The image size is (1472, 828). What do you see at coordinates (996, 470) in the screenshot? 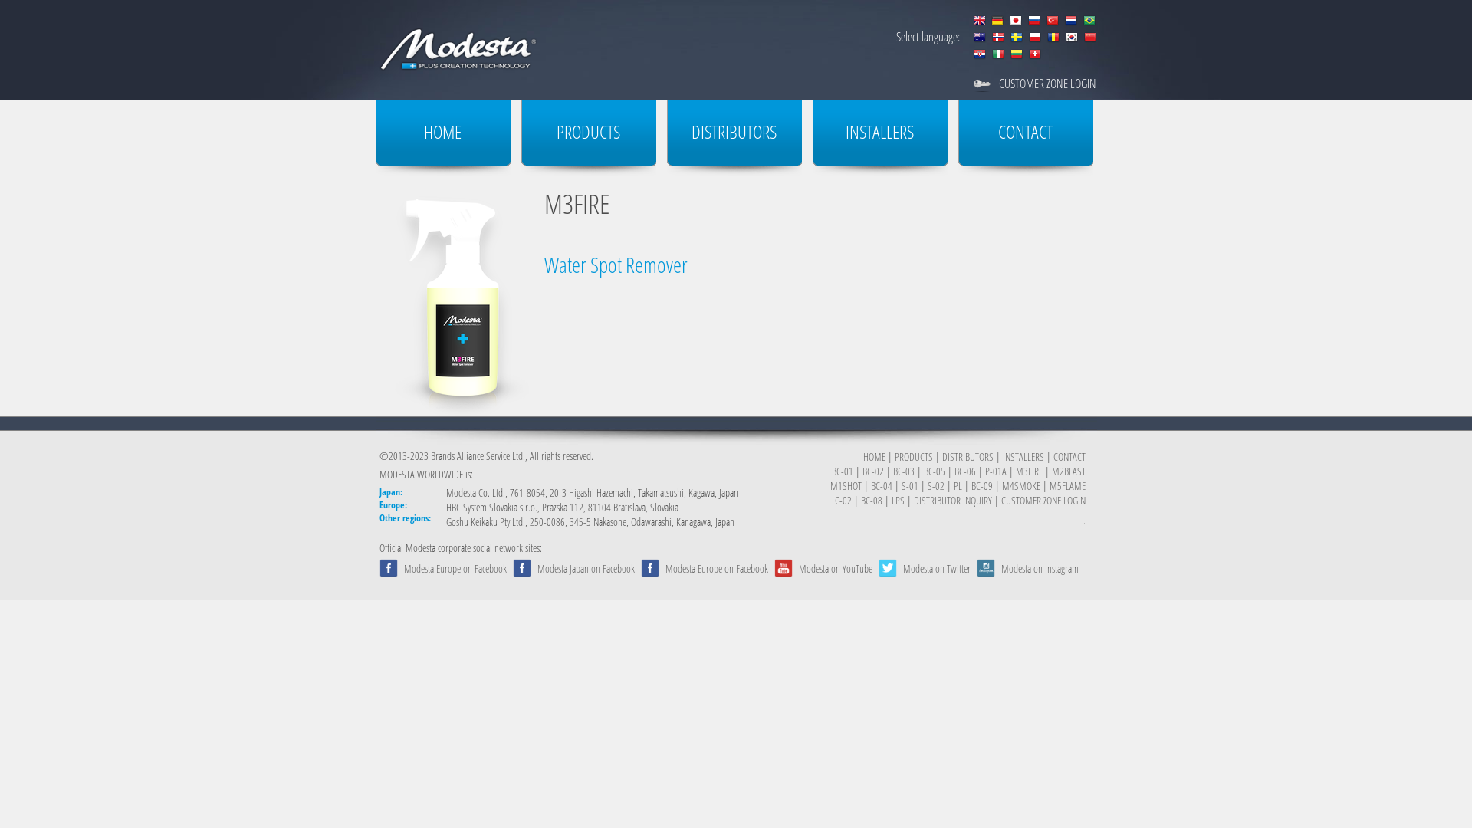
I see `'P-01A'` at bounding box center [996, 470].